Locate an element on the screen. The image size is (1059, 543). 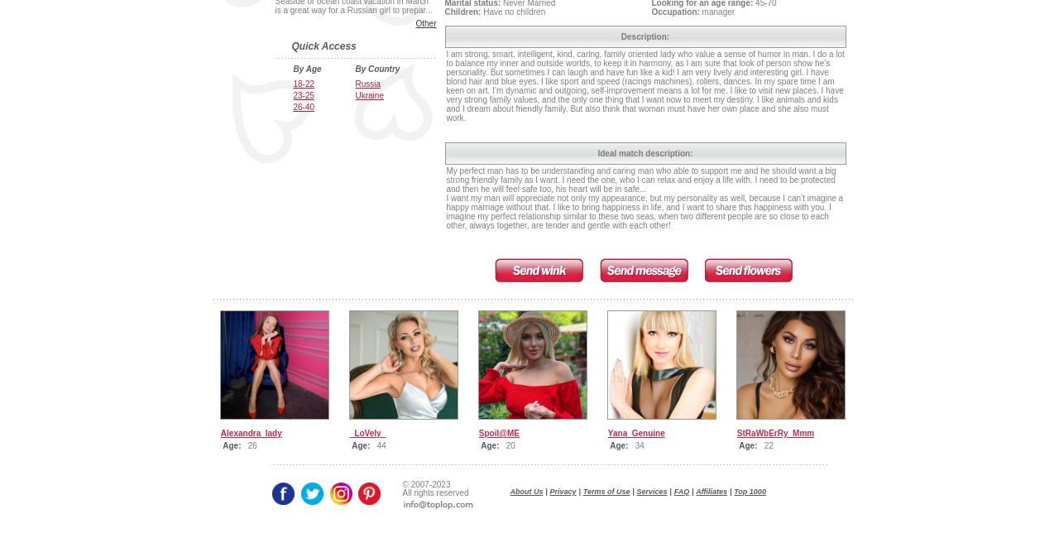
'20' is located at coordinates (504, 445).